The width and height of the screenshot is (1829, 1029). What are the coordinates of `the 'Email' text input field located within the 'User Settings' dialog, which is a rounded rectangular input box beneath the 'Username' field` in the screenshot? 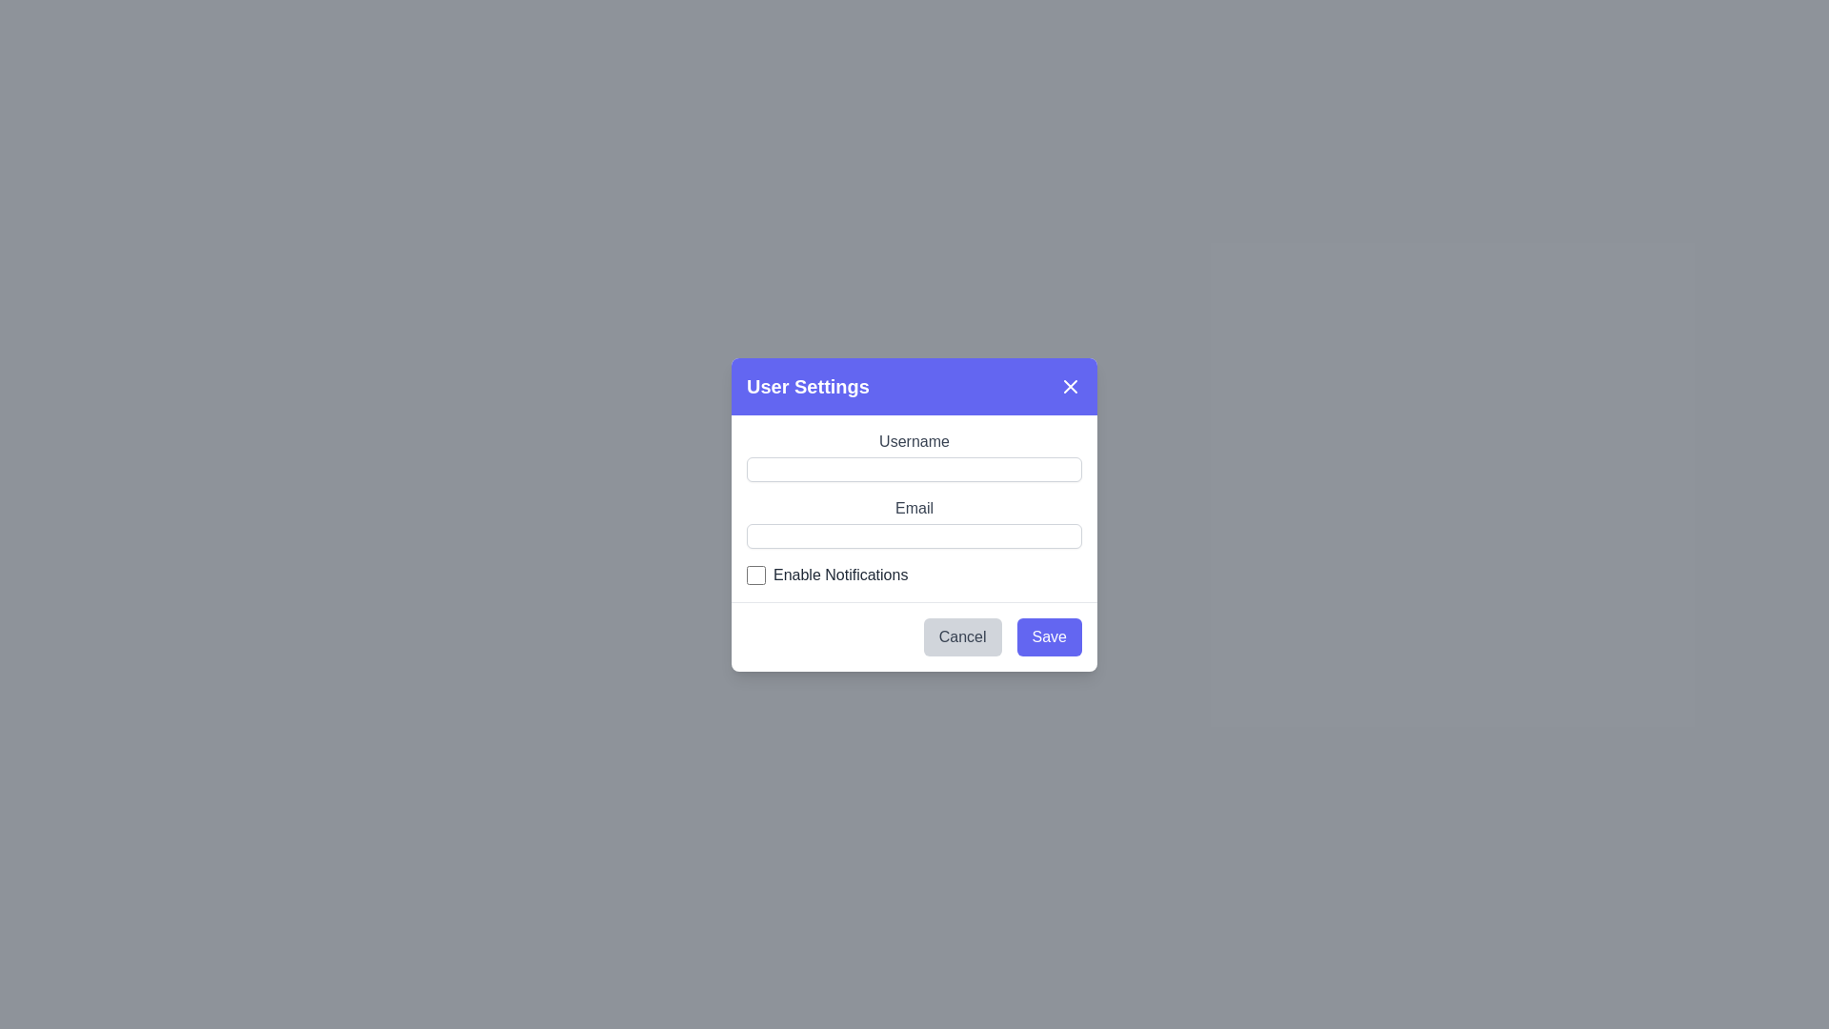 It's located at (914, 522).